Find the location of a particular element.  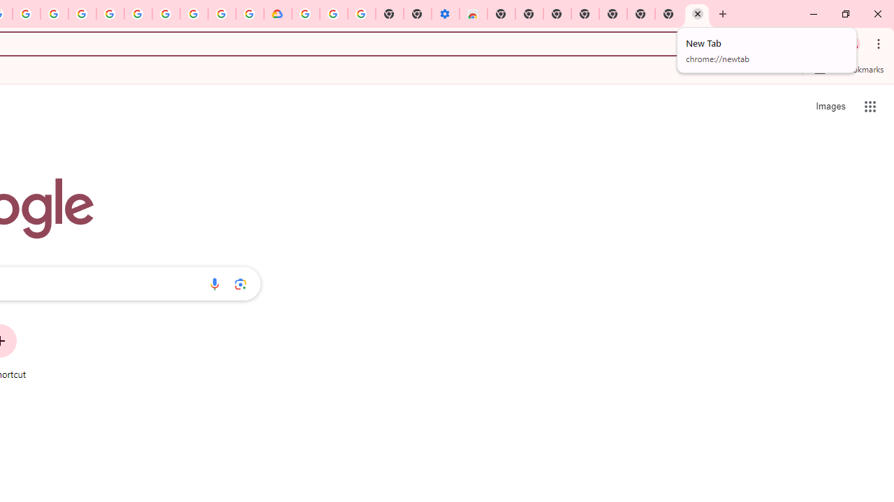

'Turn cookies on or off - Computer - Google Account Help' is located at coordinates (361, 14).